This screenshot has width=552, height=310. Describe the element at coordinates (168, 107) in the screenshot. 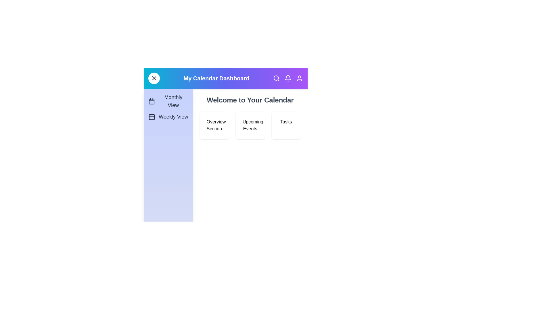

I see `the 'Monthly View' option in the segmented control located in the left sidebar, which features a calendar icon and dark text on a light blue background` at that location.